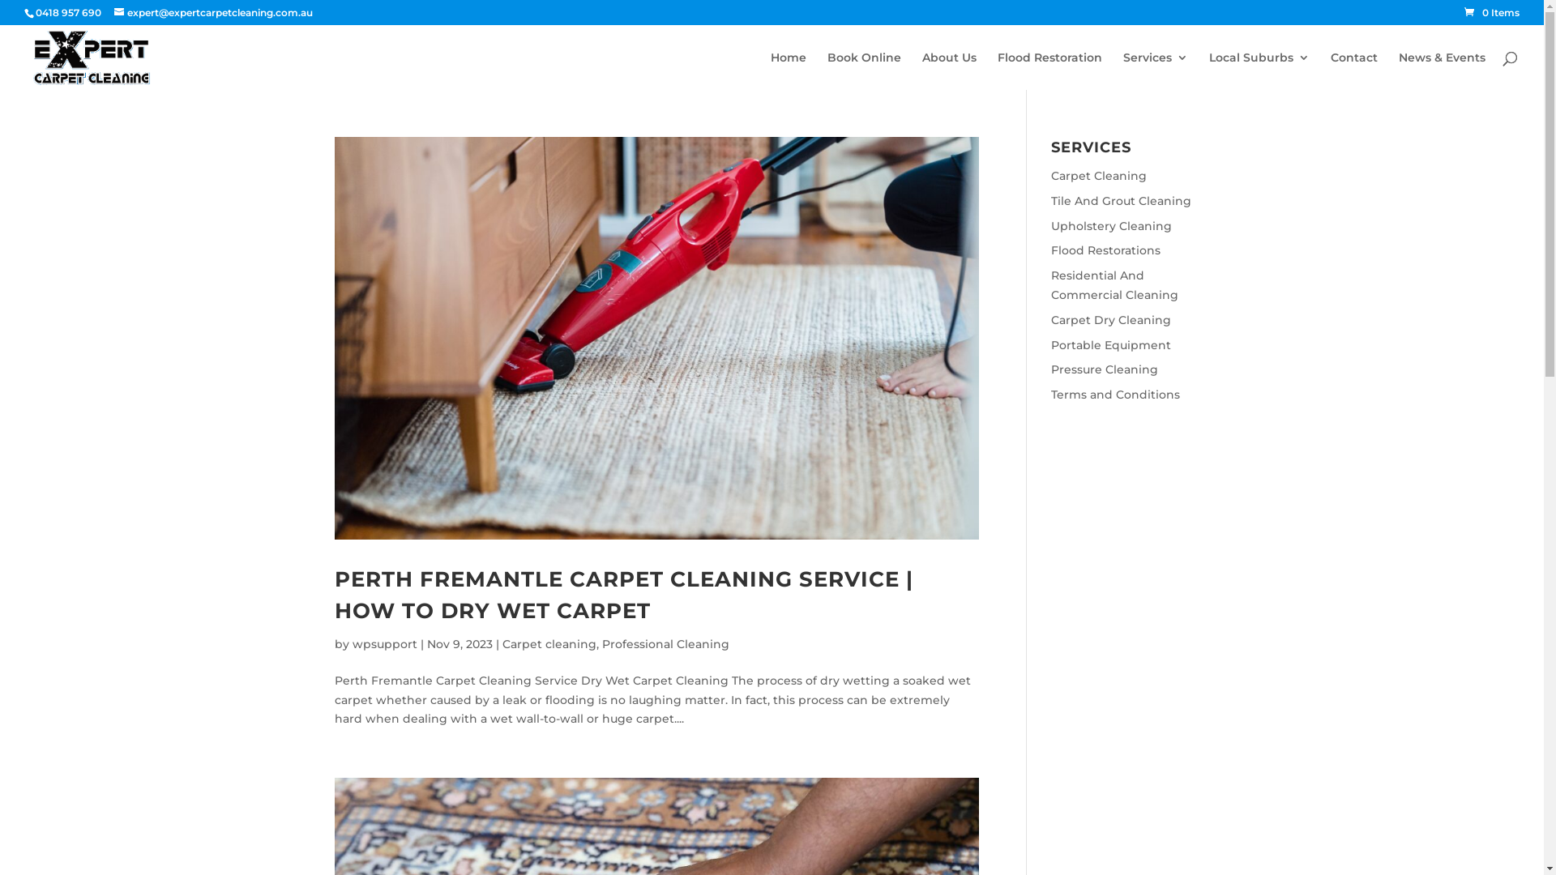 The height and width of the screenshot is (875, 1556). I want to click on 'Pressure Cleaning', so click(1104, 369).